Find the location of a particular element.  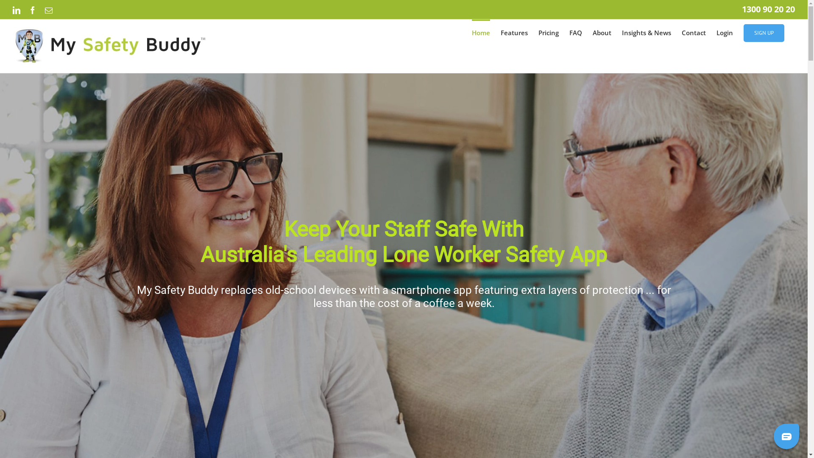

'Home' is located at coordinates (481, 32).